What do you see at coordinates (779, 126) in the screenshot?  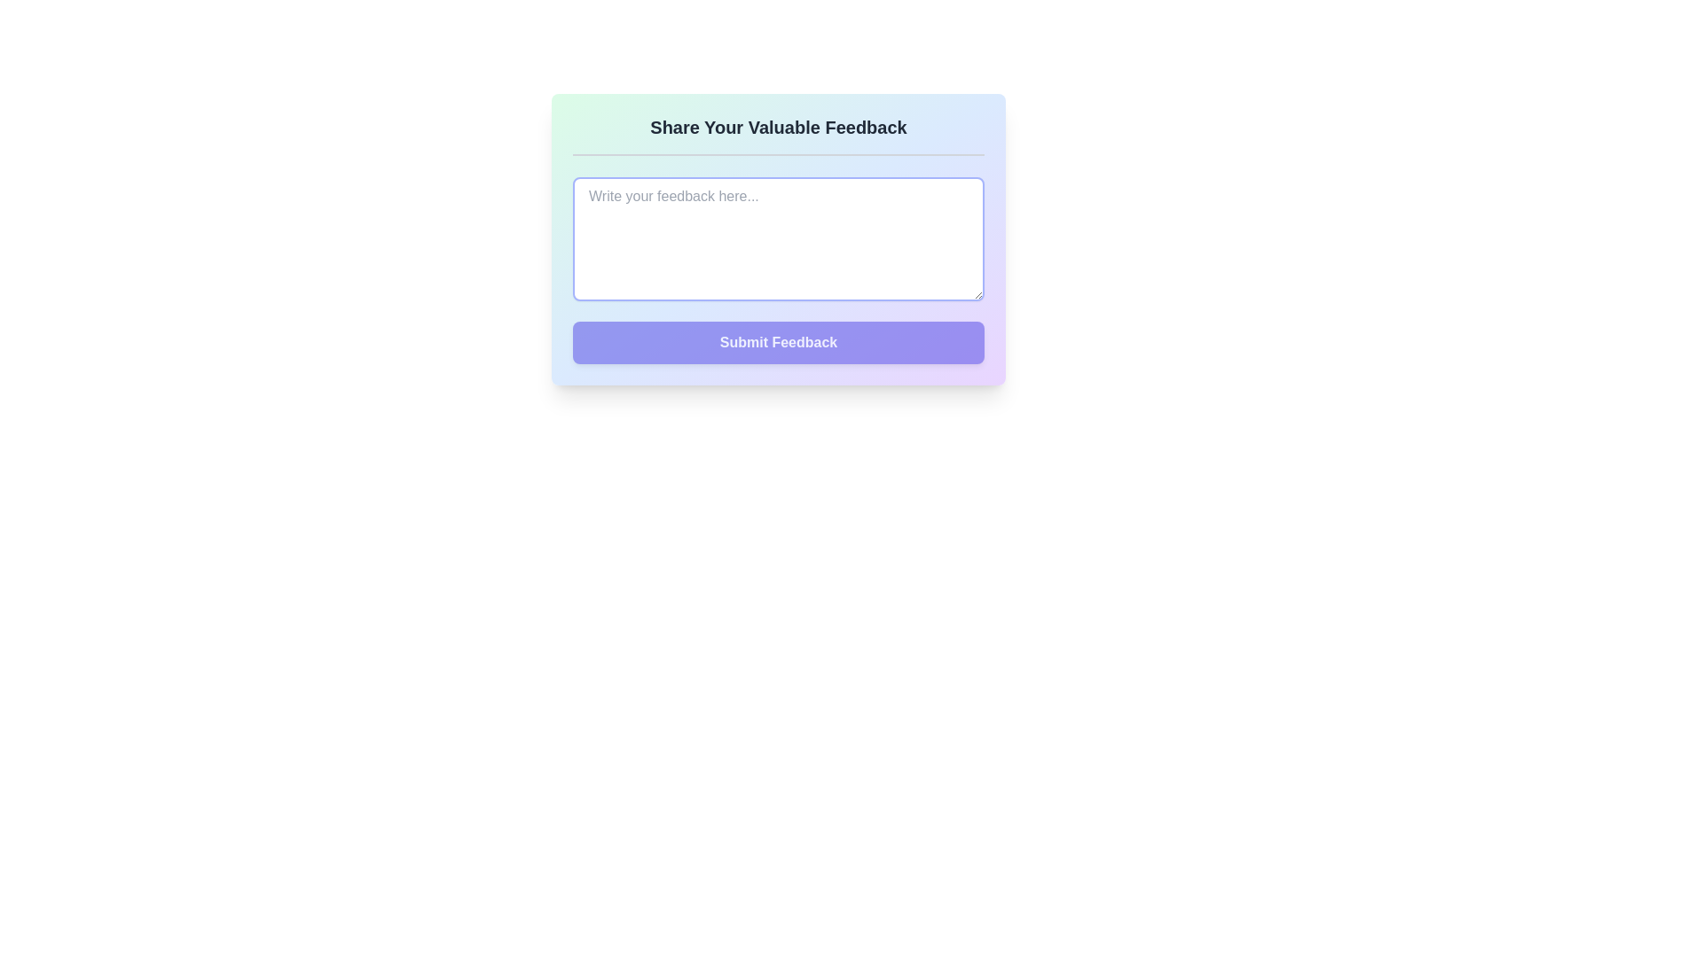 I see `the title text element that introduces the feedback form's purpose, located at the top center of the interface` at bounding box center [779, 126].